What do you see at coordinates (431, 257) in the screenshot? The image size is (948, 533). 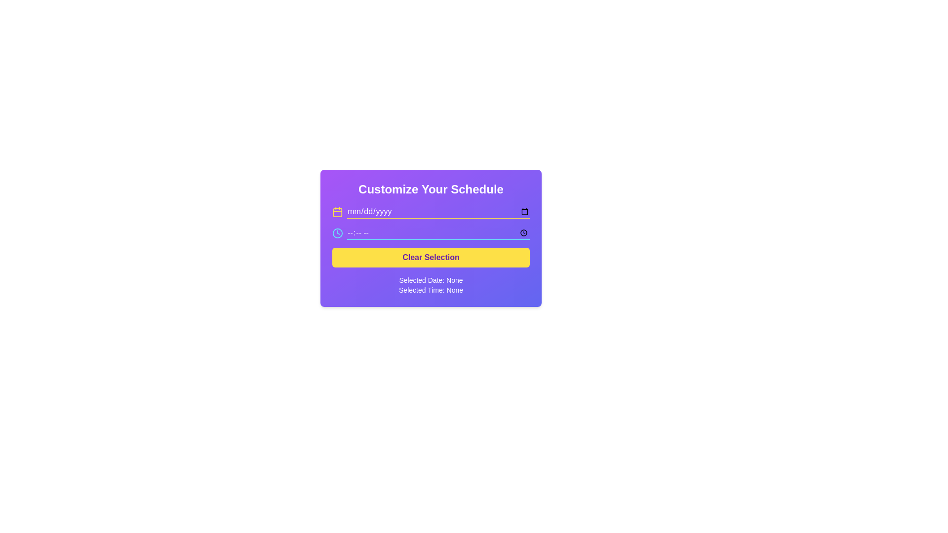 I see `the yellow rectangular button labeled 'Clear Selection' with bold purple font, located below the date and time input fields` at bounding box center [431, 257].